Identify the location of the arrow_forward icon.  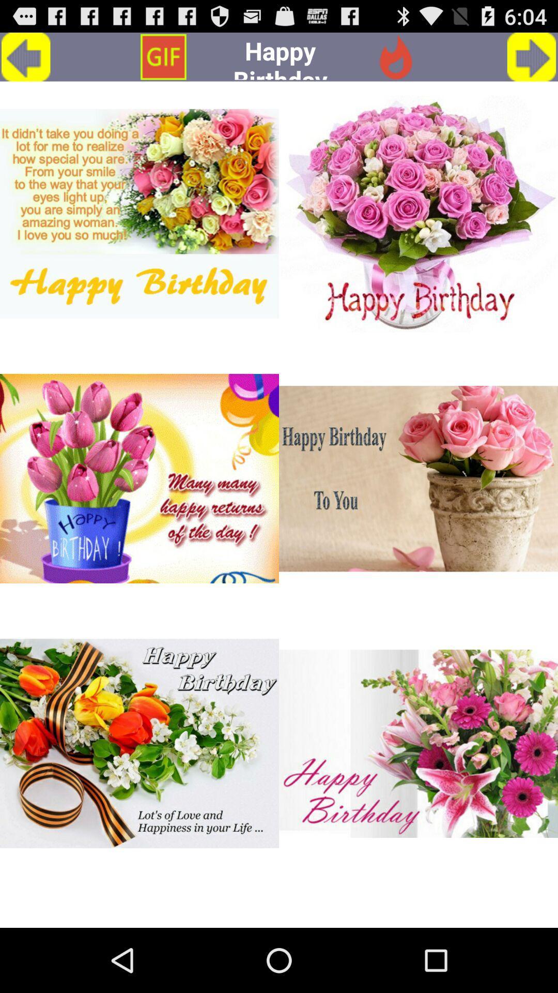
(532, 61).